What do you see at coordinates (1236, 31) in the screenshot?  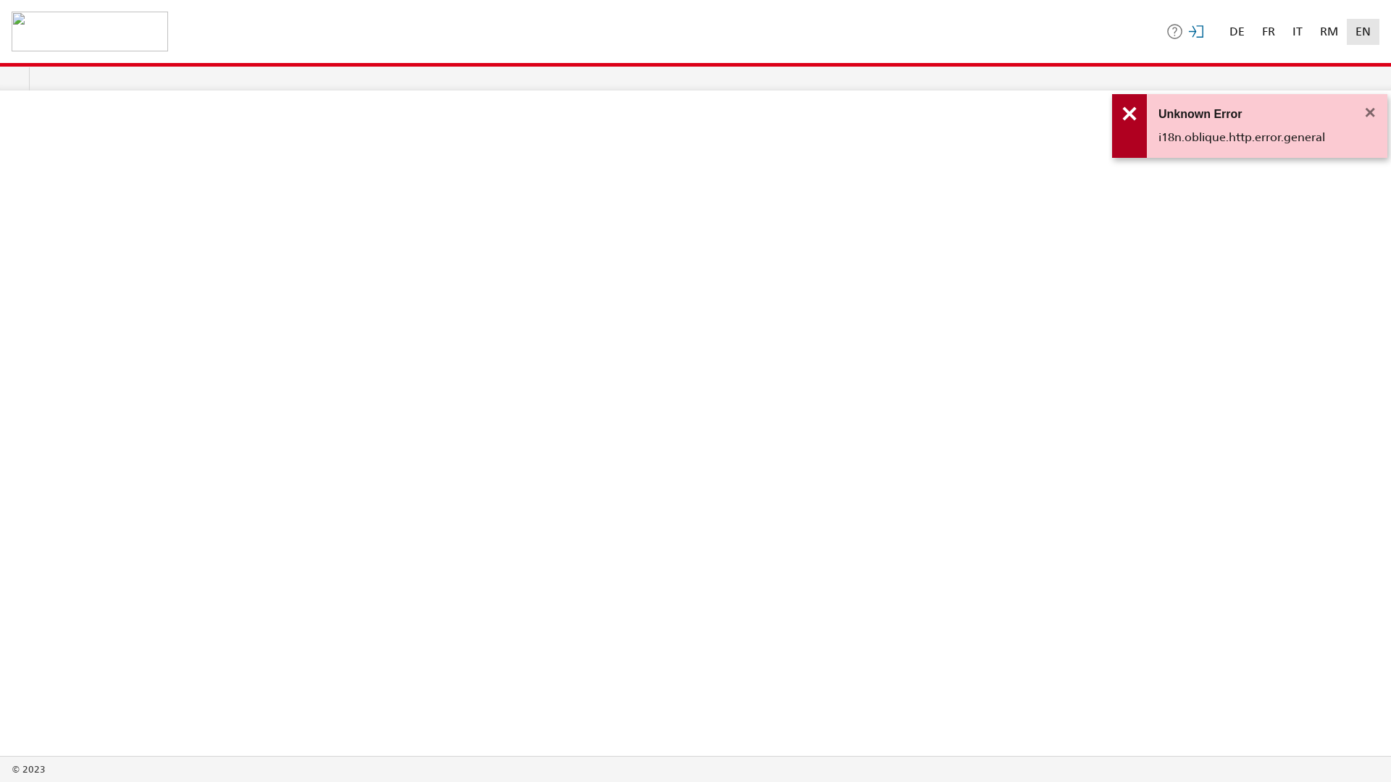 I see `'DE'` at bounding box center [1236, 31].